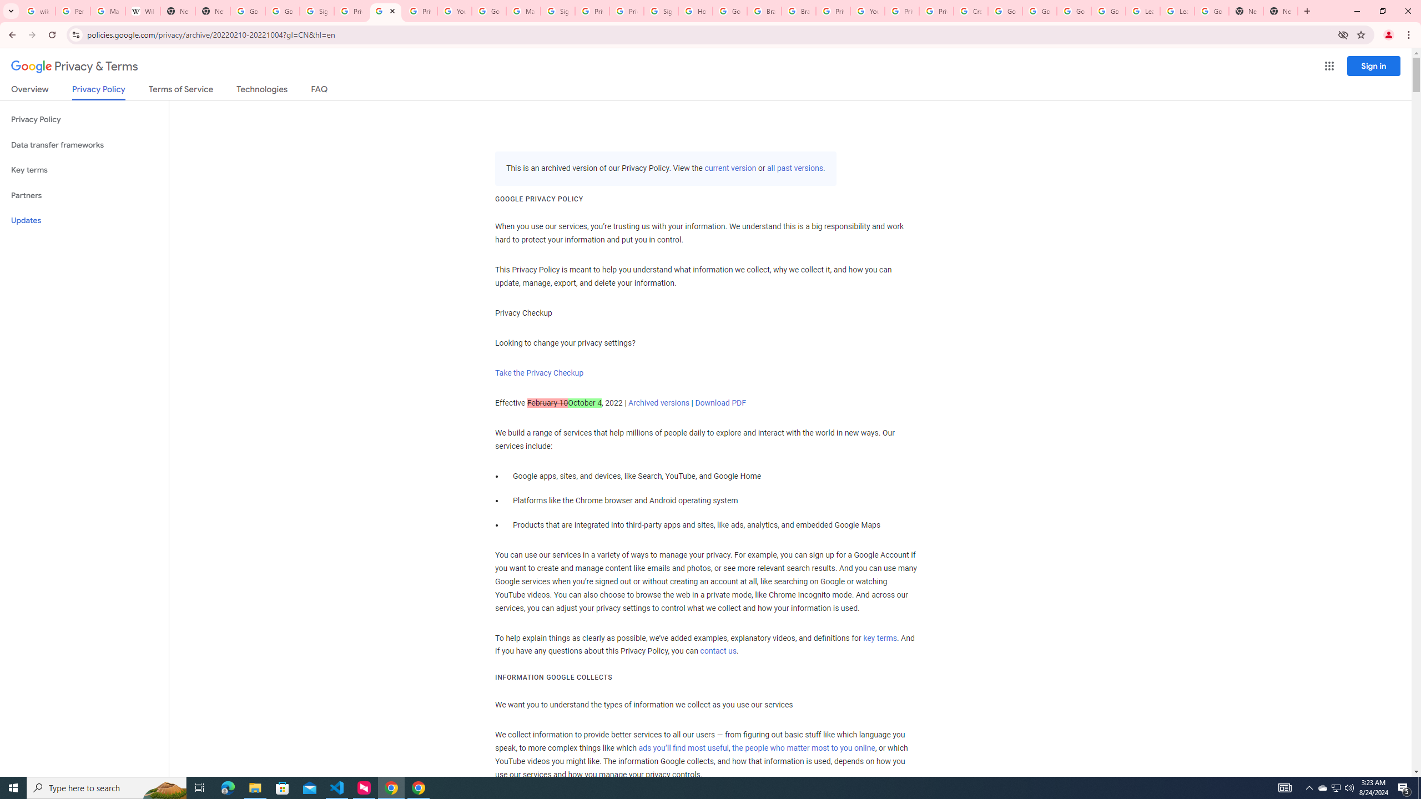 The image size is (1421, 799). I want to click on 'Archived versions', so click(658, 402).